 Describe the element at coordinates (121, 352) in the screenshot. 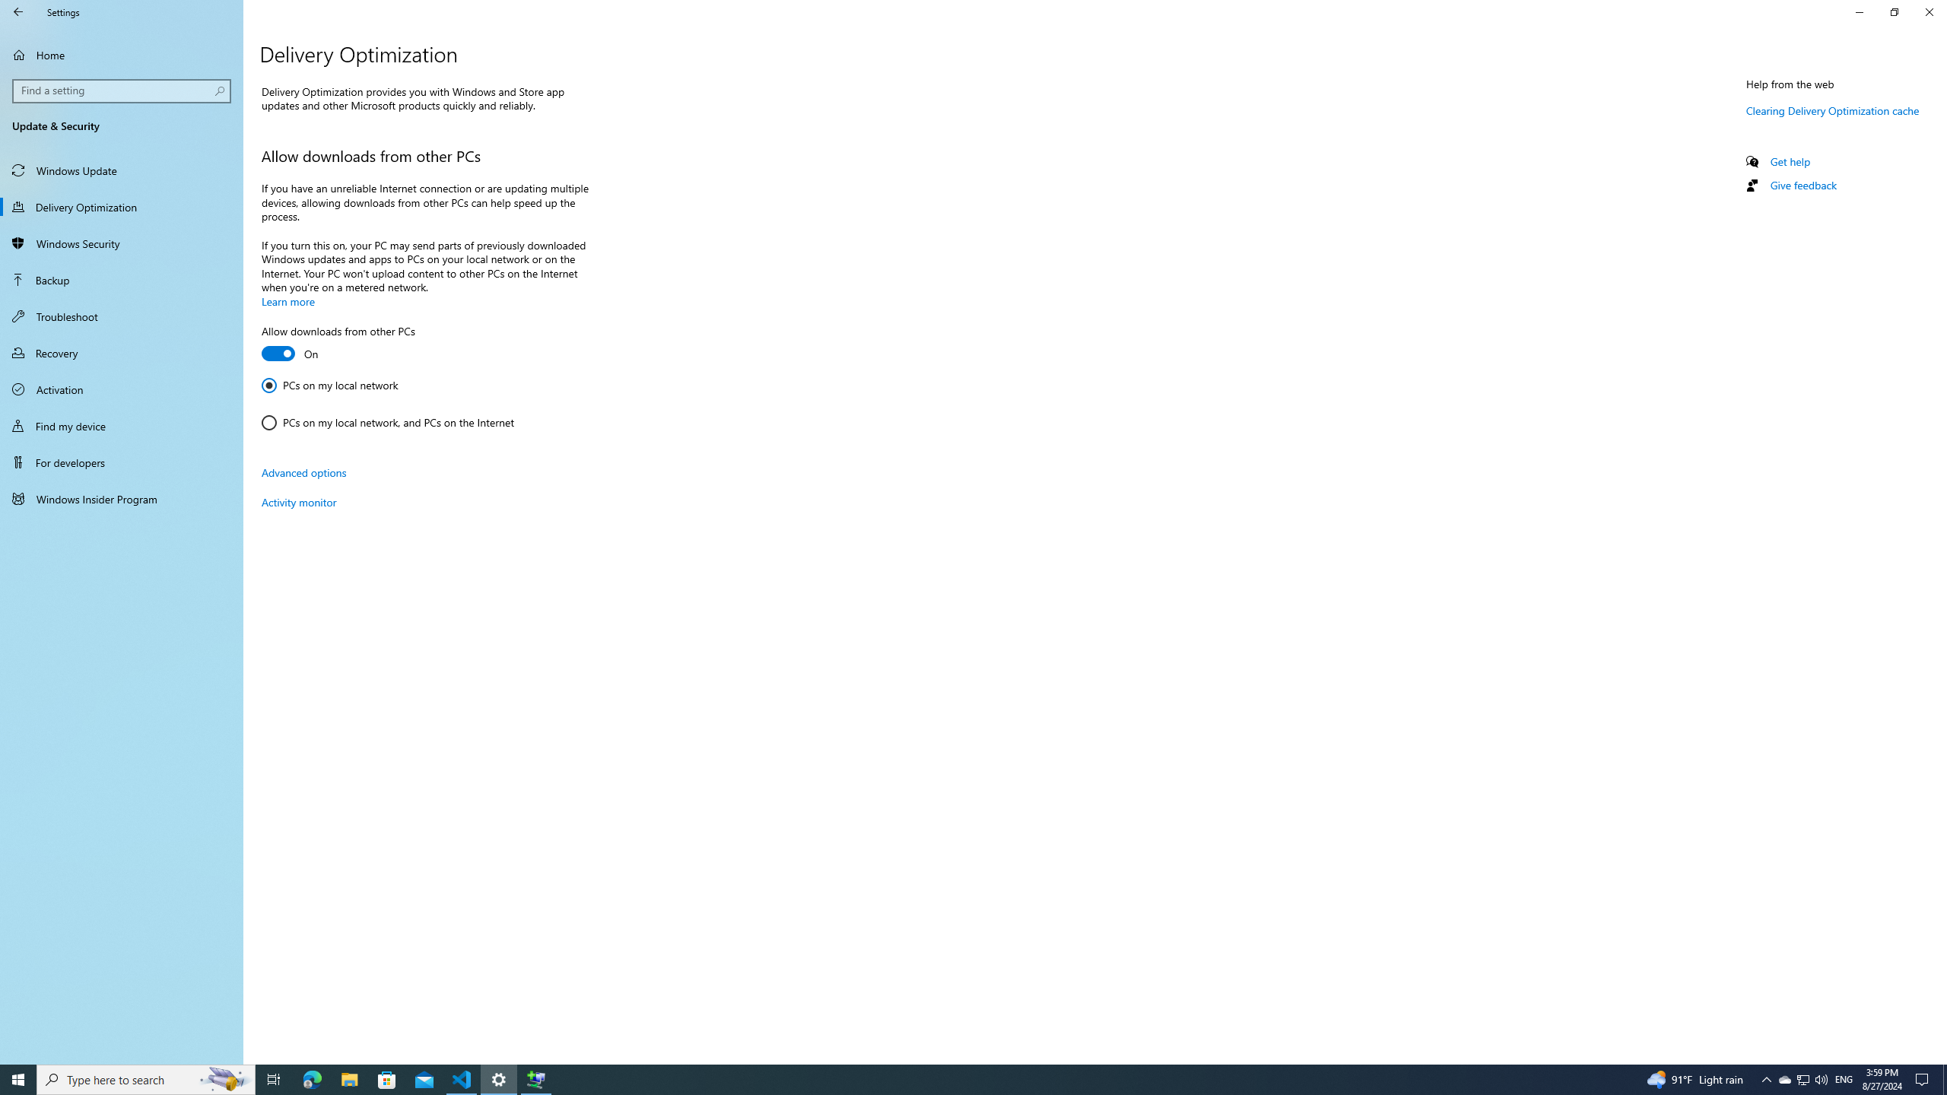

I see `'Recovery'` at that location.